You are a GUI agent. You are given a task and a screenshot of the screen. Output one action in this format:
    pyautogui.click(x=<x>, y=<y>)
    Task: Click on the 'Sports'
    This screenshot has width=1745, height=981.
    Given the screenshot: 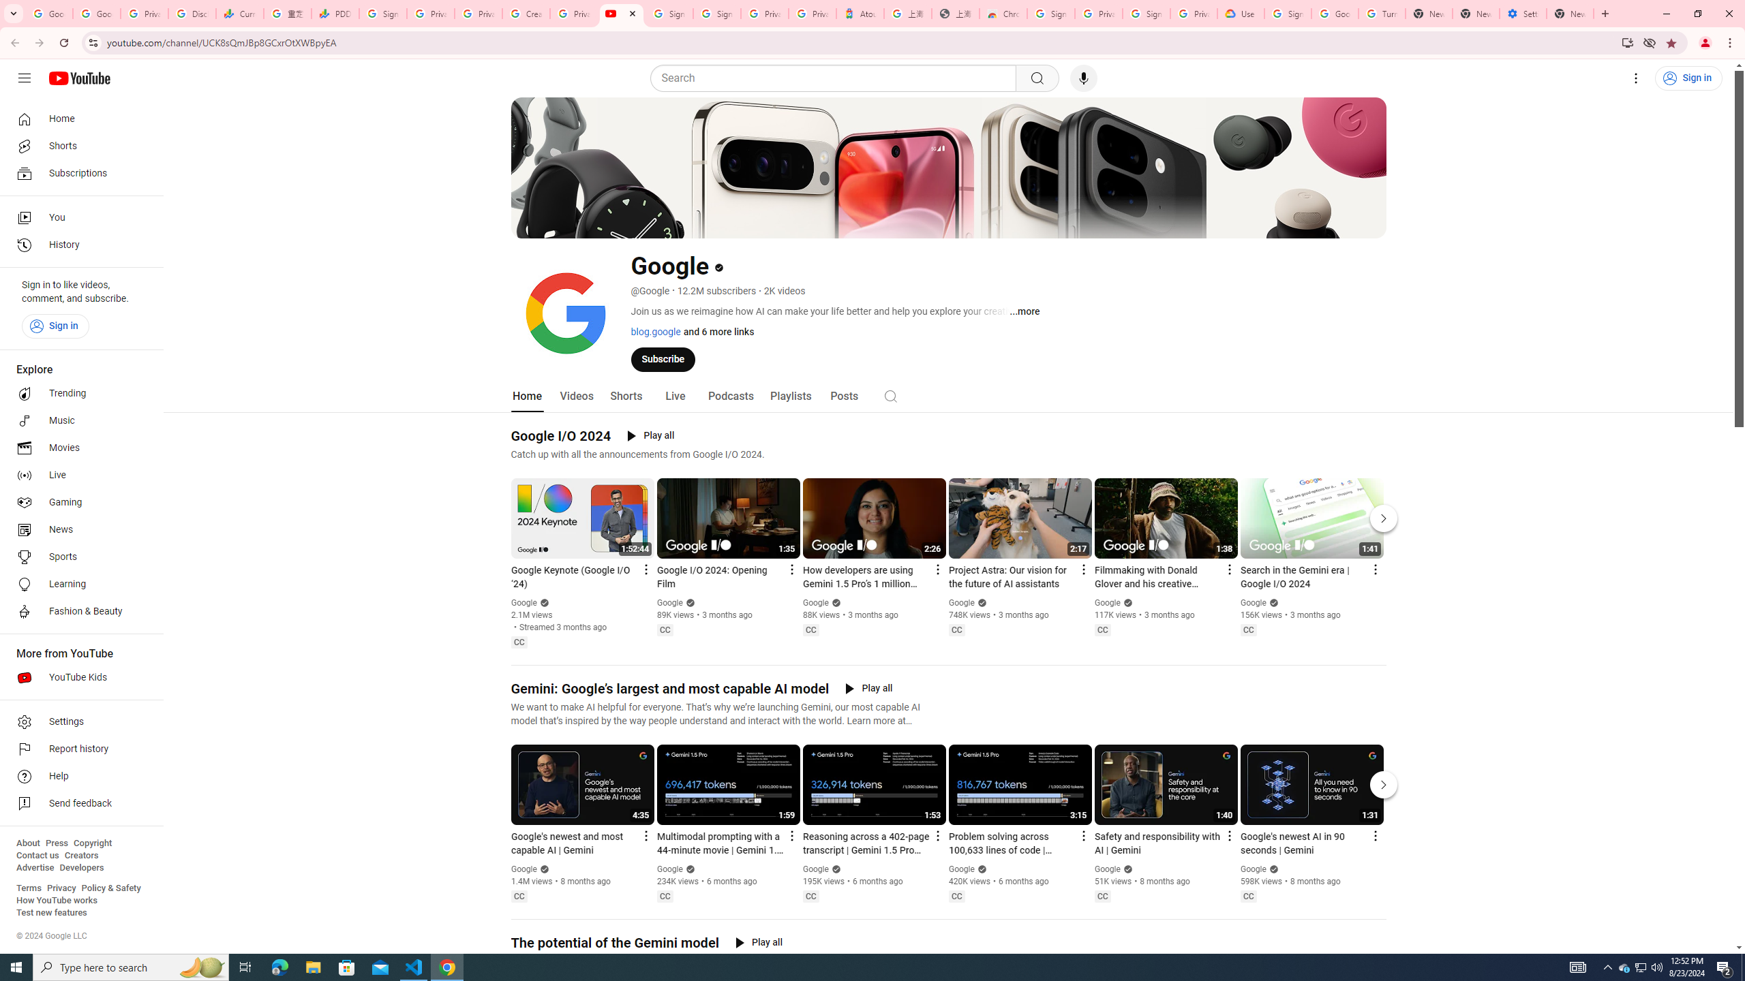 What is the action you would take?
    pyautogui.click(x=77, y=556)
    